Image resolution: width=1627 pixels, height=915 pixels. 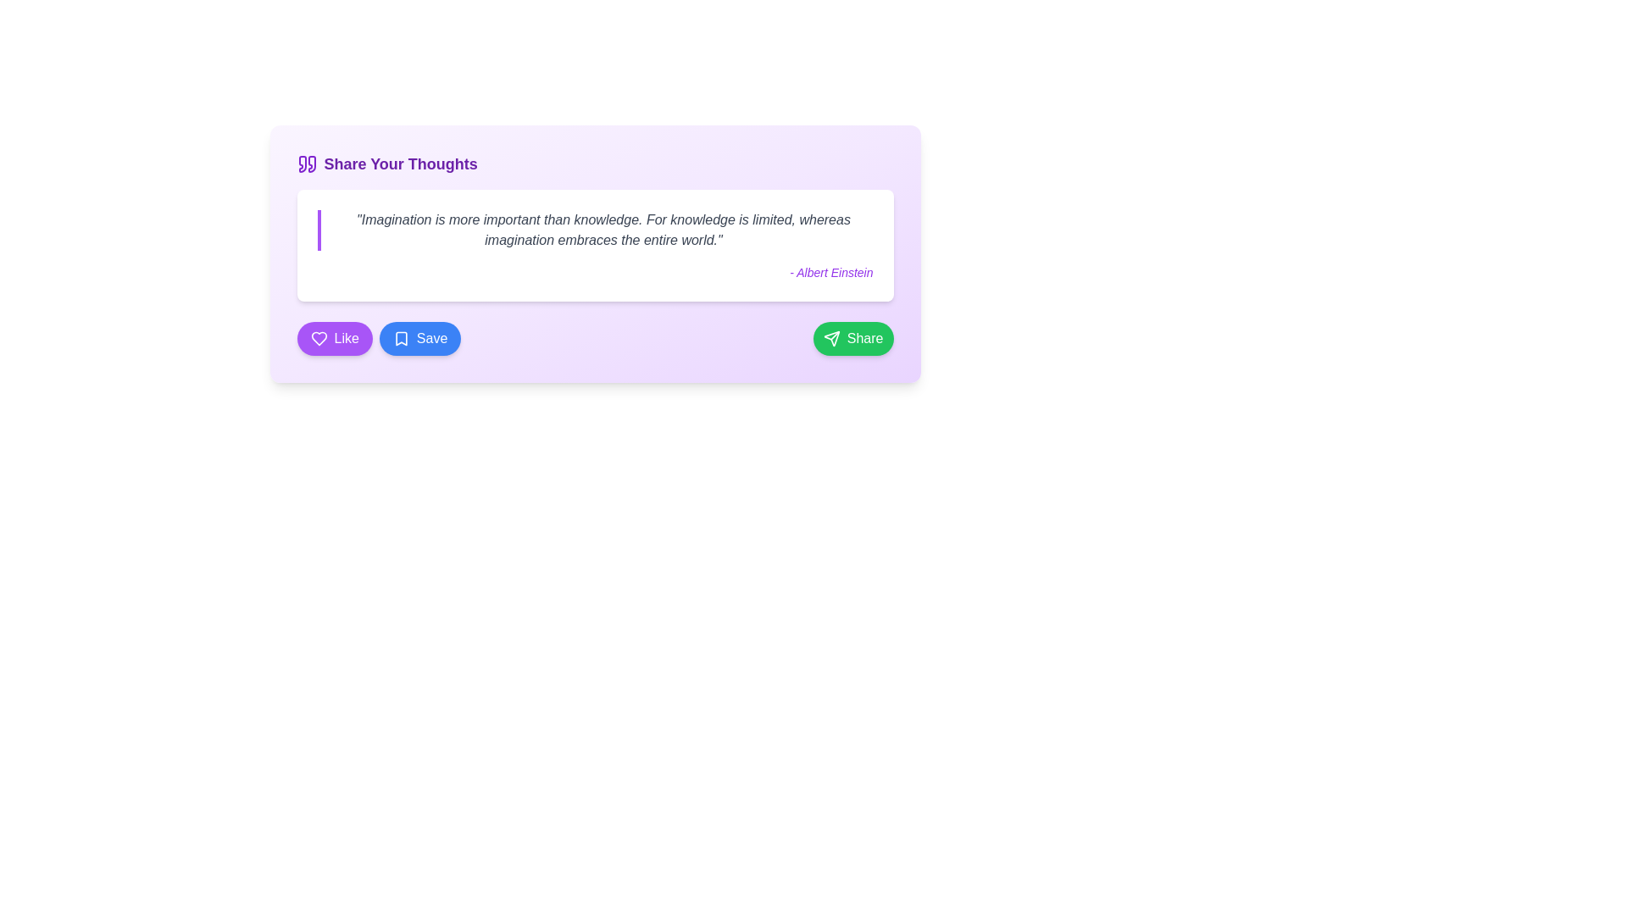 I want to click on the bookmark icon located to the left of the 'Save' text within the 'Save' button, so click(x=400, y=339).